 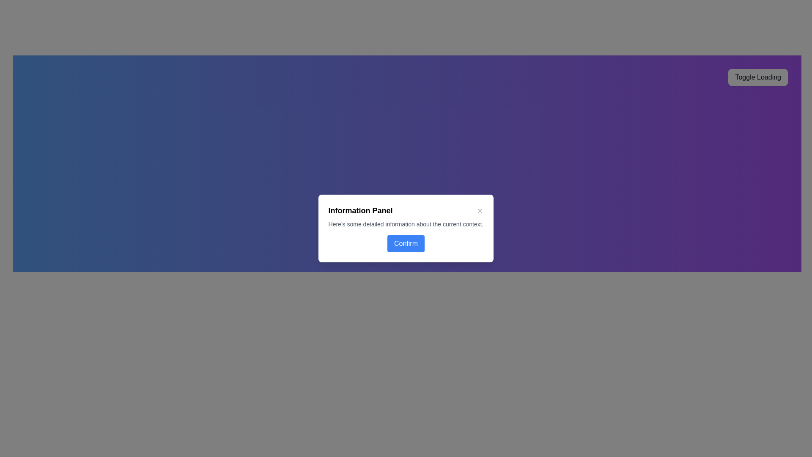 What do you see at coordinates (406, 228) in the screenshot?
I see `the central modal dialog box that provides contextual information and allows user confirmation through the 'Confirm' button` at bounding box center [406, 228].